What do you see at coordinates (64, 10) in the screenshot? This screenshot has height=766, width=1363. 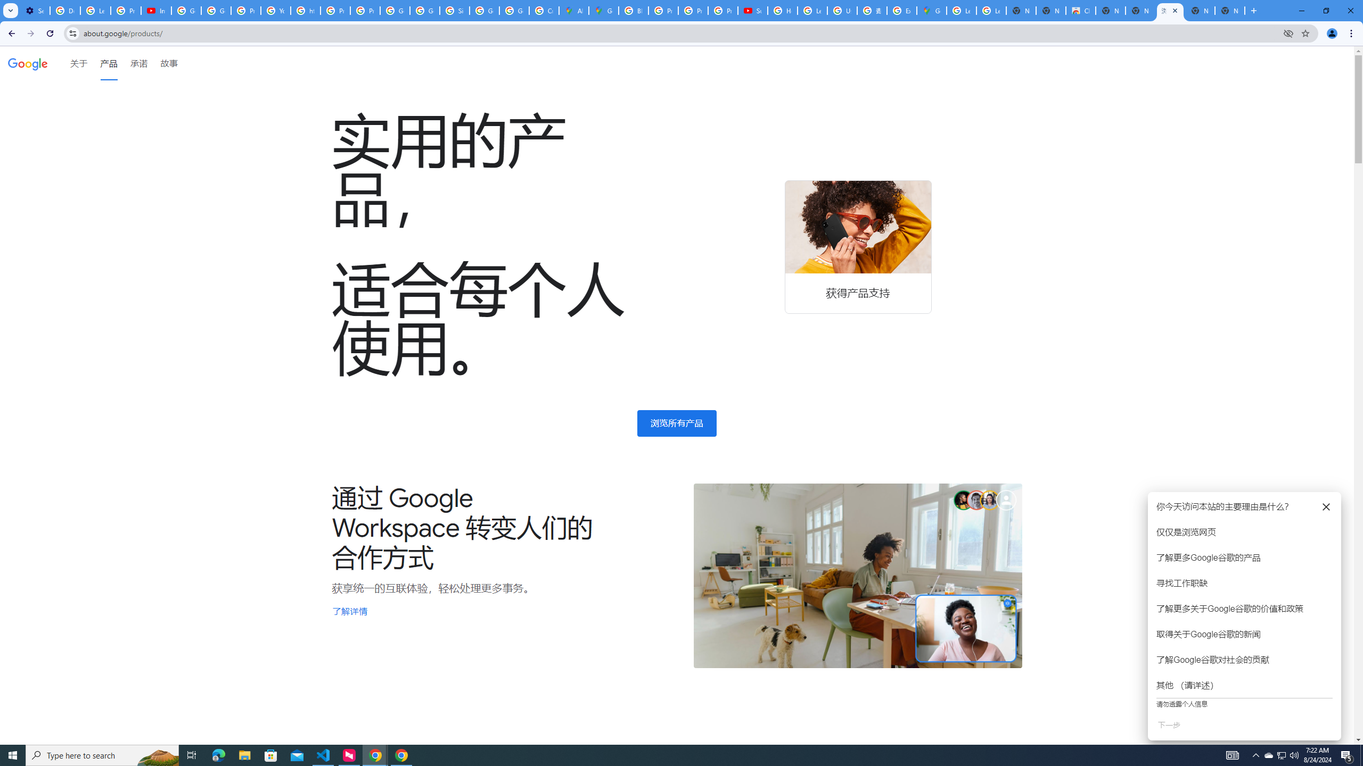 I see `'Delete photos & videos - Computer - Google Photos Help'` at bounding box center [64, 10].